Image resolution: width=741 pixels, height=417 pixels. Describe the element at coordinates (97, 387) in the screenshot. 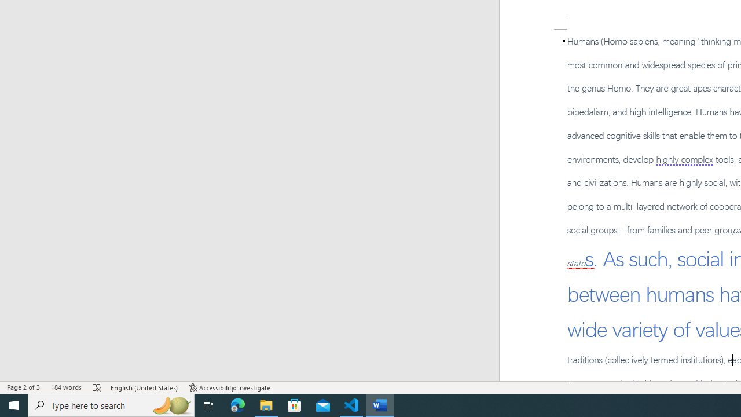

I see `'Spelling and Grammar Check Errors'` at that location.